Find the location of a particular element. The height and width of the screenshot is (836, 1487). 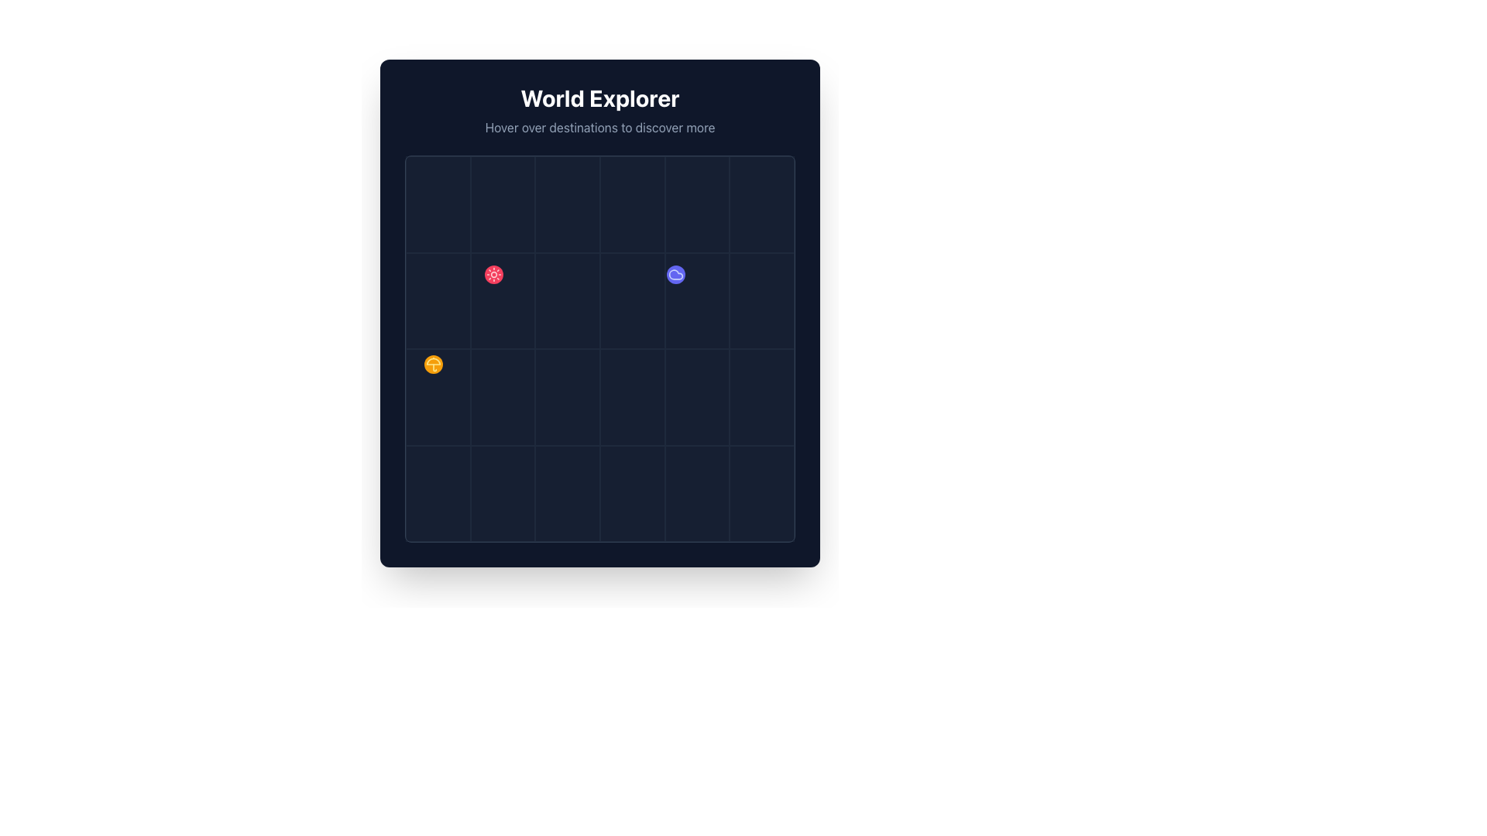

the grid cell located in the bottom-right corner of a structured grid layout, defined by a subtle border in light gray or slate color is located at coordinates (696, 493).